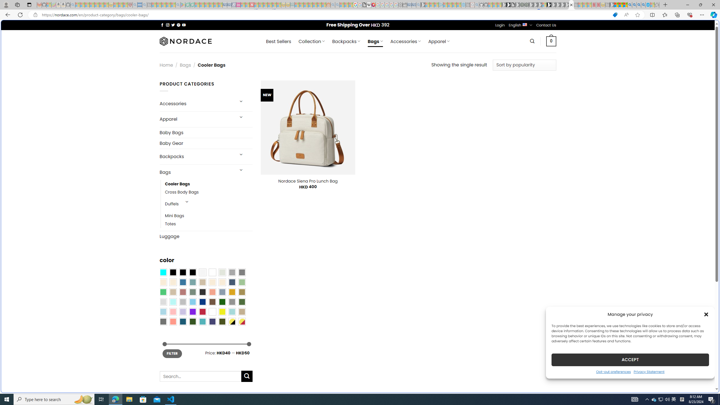 This screenshot has width=720, height=405. What do you see at coordinates (192, 311) in the screenshot?
I see `'Purple'` at bounding box center [192, 311].